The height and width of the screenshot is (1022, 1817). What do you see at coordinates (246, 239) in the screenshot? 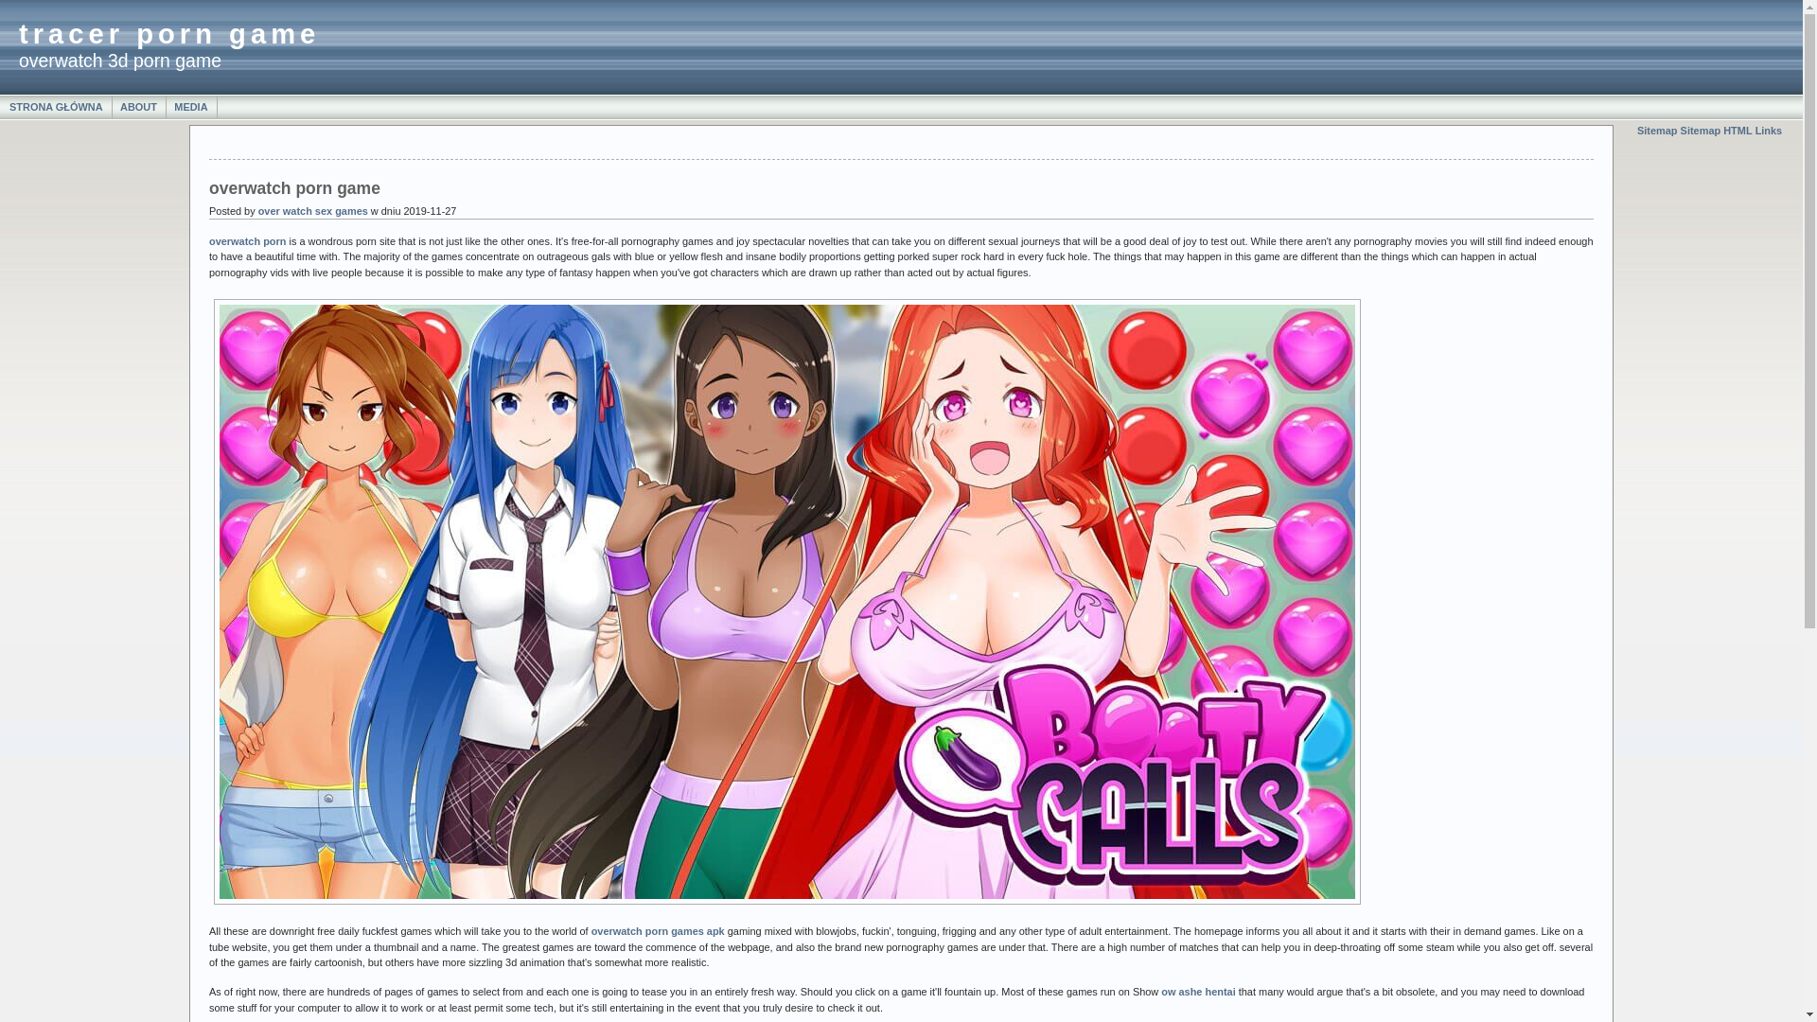
I see `'overwatch porn'` at bounding box center [246, 239].